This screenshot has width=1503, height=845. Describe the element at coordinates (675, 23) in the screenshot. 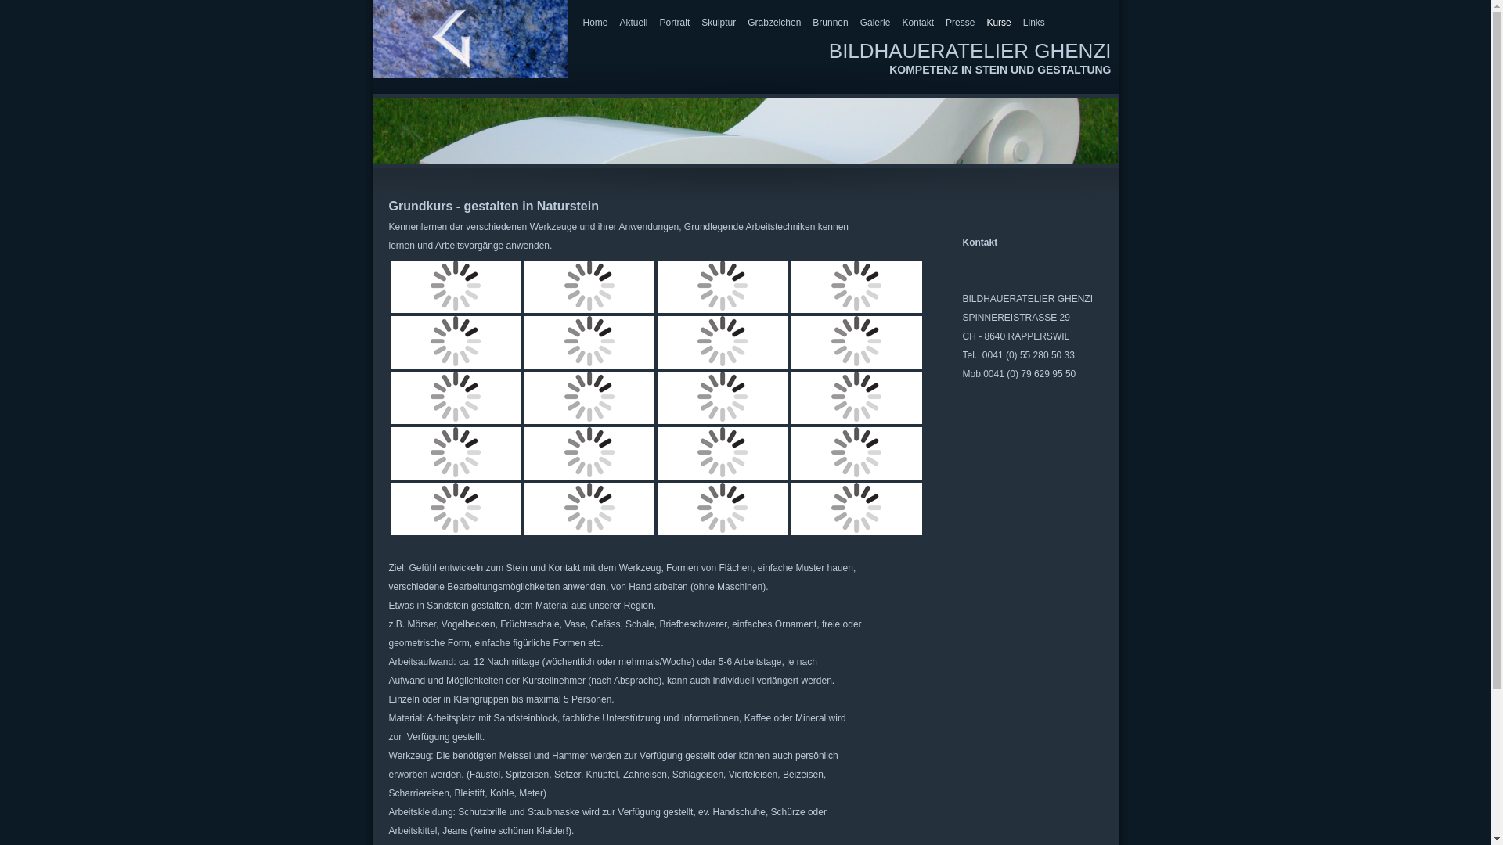

I see `'Portrait'` at that location.